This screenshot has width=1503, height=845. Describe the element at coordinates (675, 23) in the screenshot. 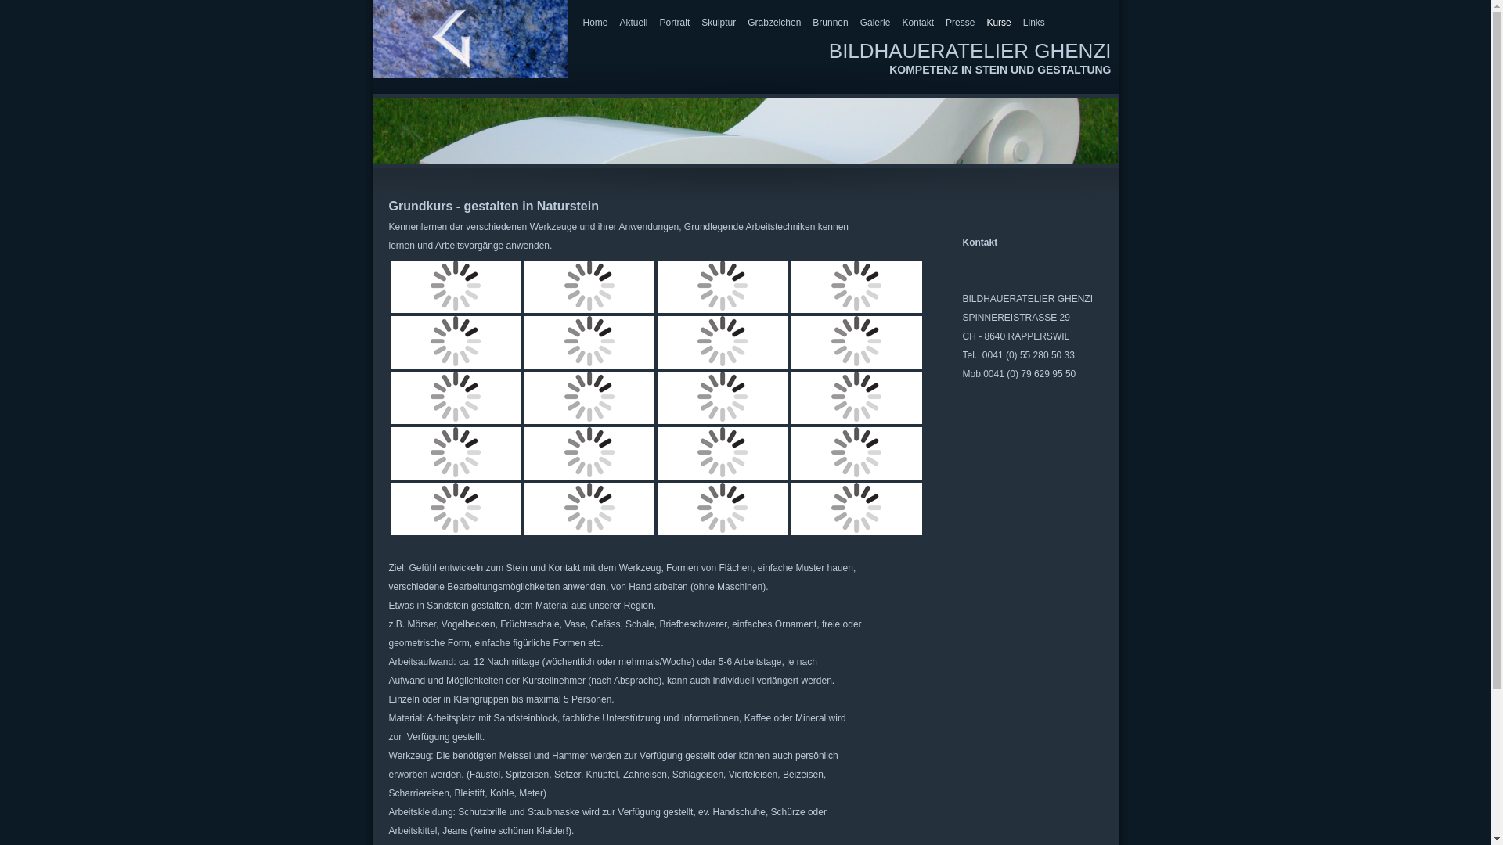

I see `'Portrait'` at that location.